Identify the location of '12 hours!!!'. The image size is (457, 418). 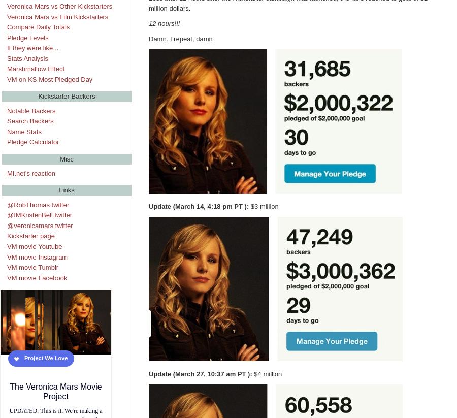
(164, 23).